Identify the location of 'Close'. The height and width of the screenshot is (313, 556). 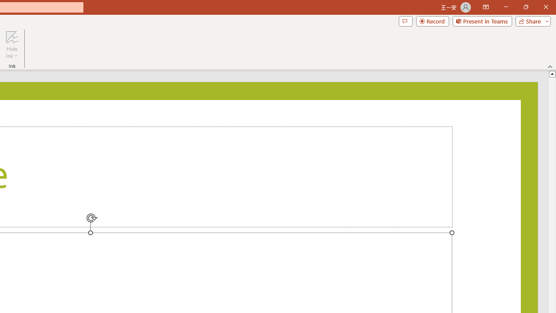
(545, 7).